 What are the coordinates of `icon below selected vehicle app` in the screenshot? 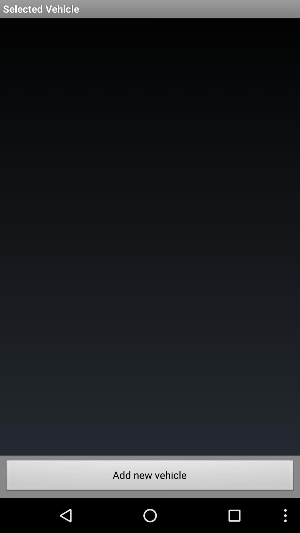 It's located at (150, 237).